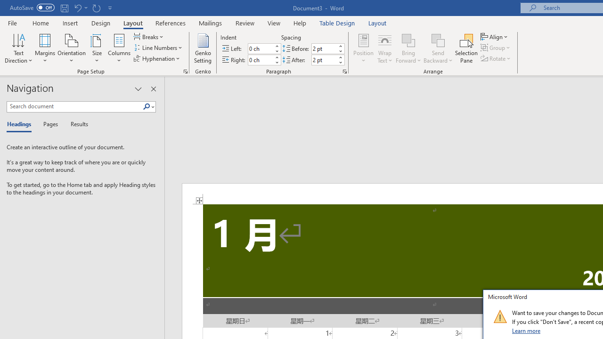 This screenshot has height=339, width=603. I want to click on 'Align', so click(495, 36).